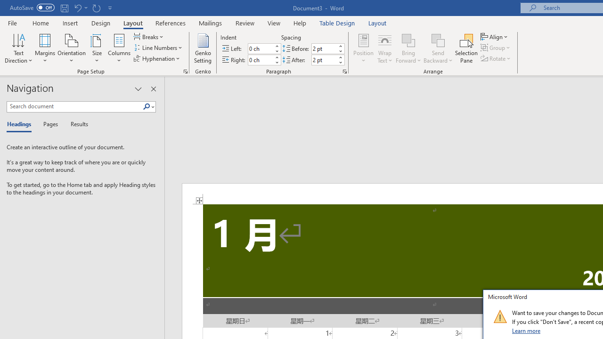 This screenshot has height=339, width=603. I want to click on 'Align', so click(495, 36).